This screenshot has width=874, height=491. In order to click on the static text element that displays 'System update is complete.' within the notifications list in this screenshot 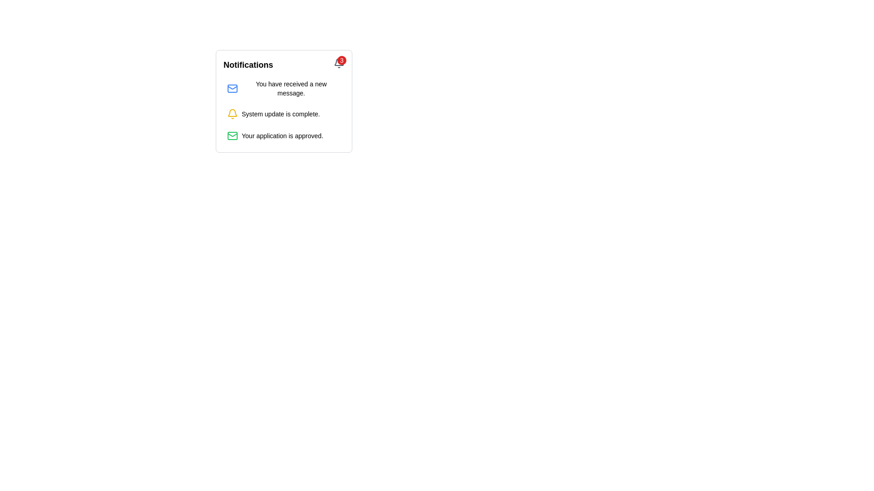, I will do `click(280, 113)`.